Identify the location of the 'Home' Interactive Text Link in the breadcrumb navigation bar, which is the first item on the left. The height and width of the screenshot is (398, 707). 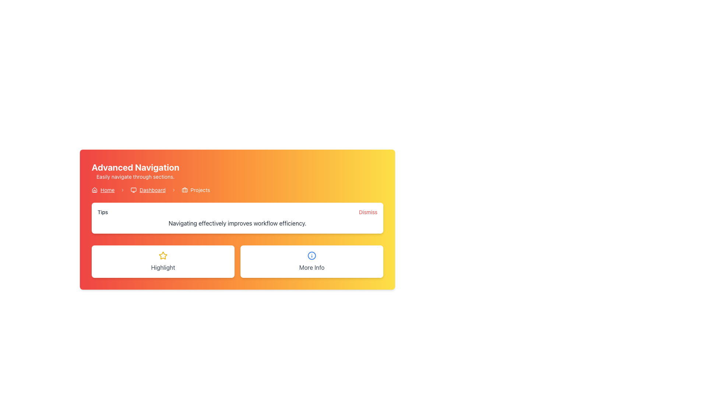
(103, 190).